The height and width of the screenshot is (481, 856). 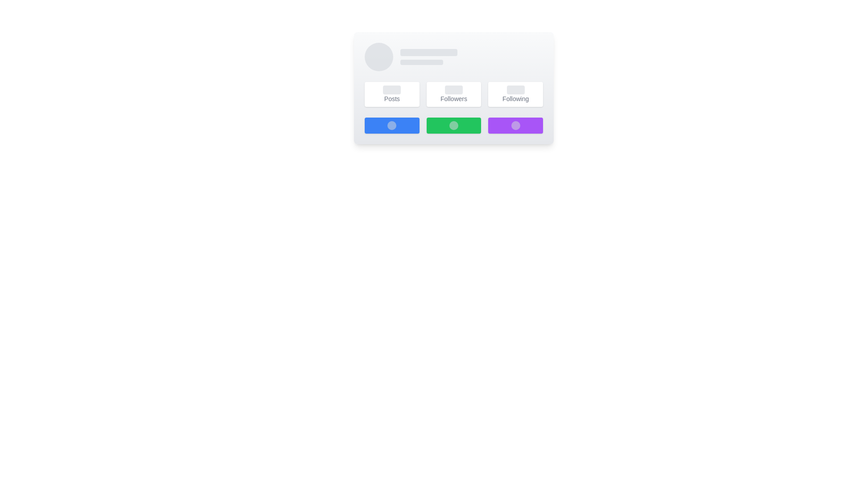 I want to click on the purple button with a circular gray icon that is the third button in a group of three, located below the 'Posts', 'Followers', and 'Following' labels, so click(x=515, y=125).